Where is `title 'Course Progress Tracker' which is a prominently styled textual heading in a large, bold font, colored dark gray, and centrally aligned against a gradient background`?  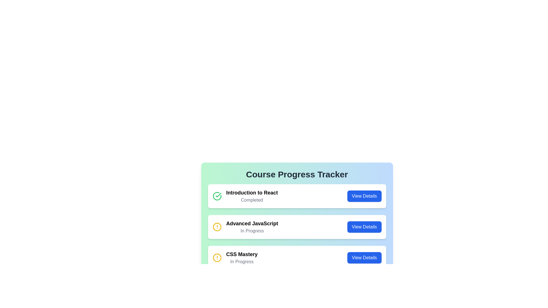
title 'Course Progress Tracker' which is a prominently styled textual heading in a large, bold font, colored dark gray, and centrally aligned against a gradient background is located at coordinates (297, 174).